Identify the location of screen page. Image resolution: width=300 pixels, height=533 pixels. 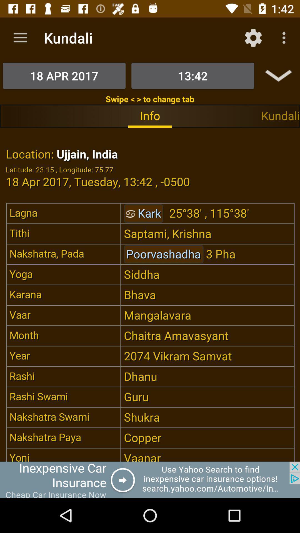
(150, 294).